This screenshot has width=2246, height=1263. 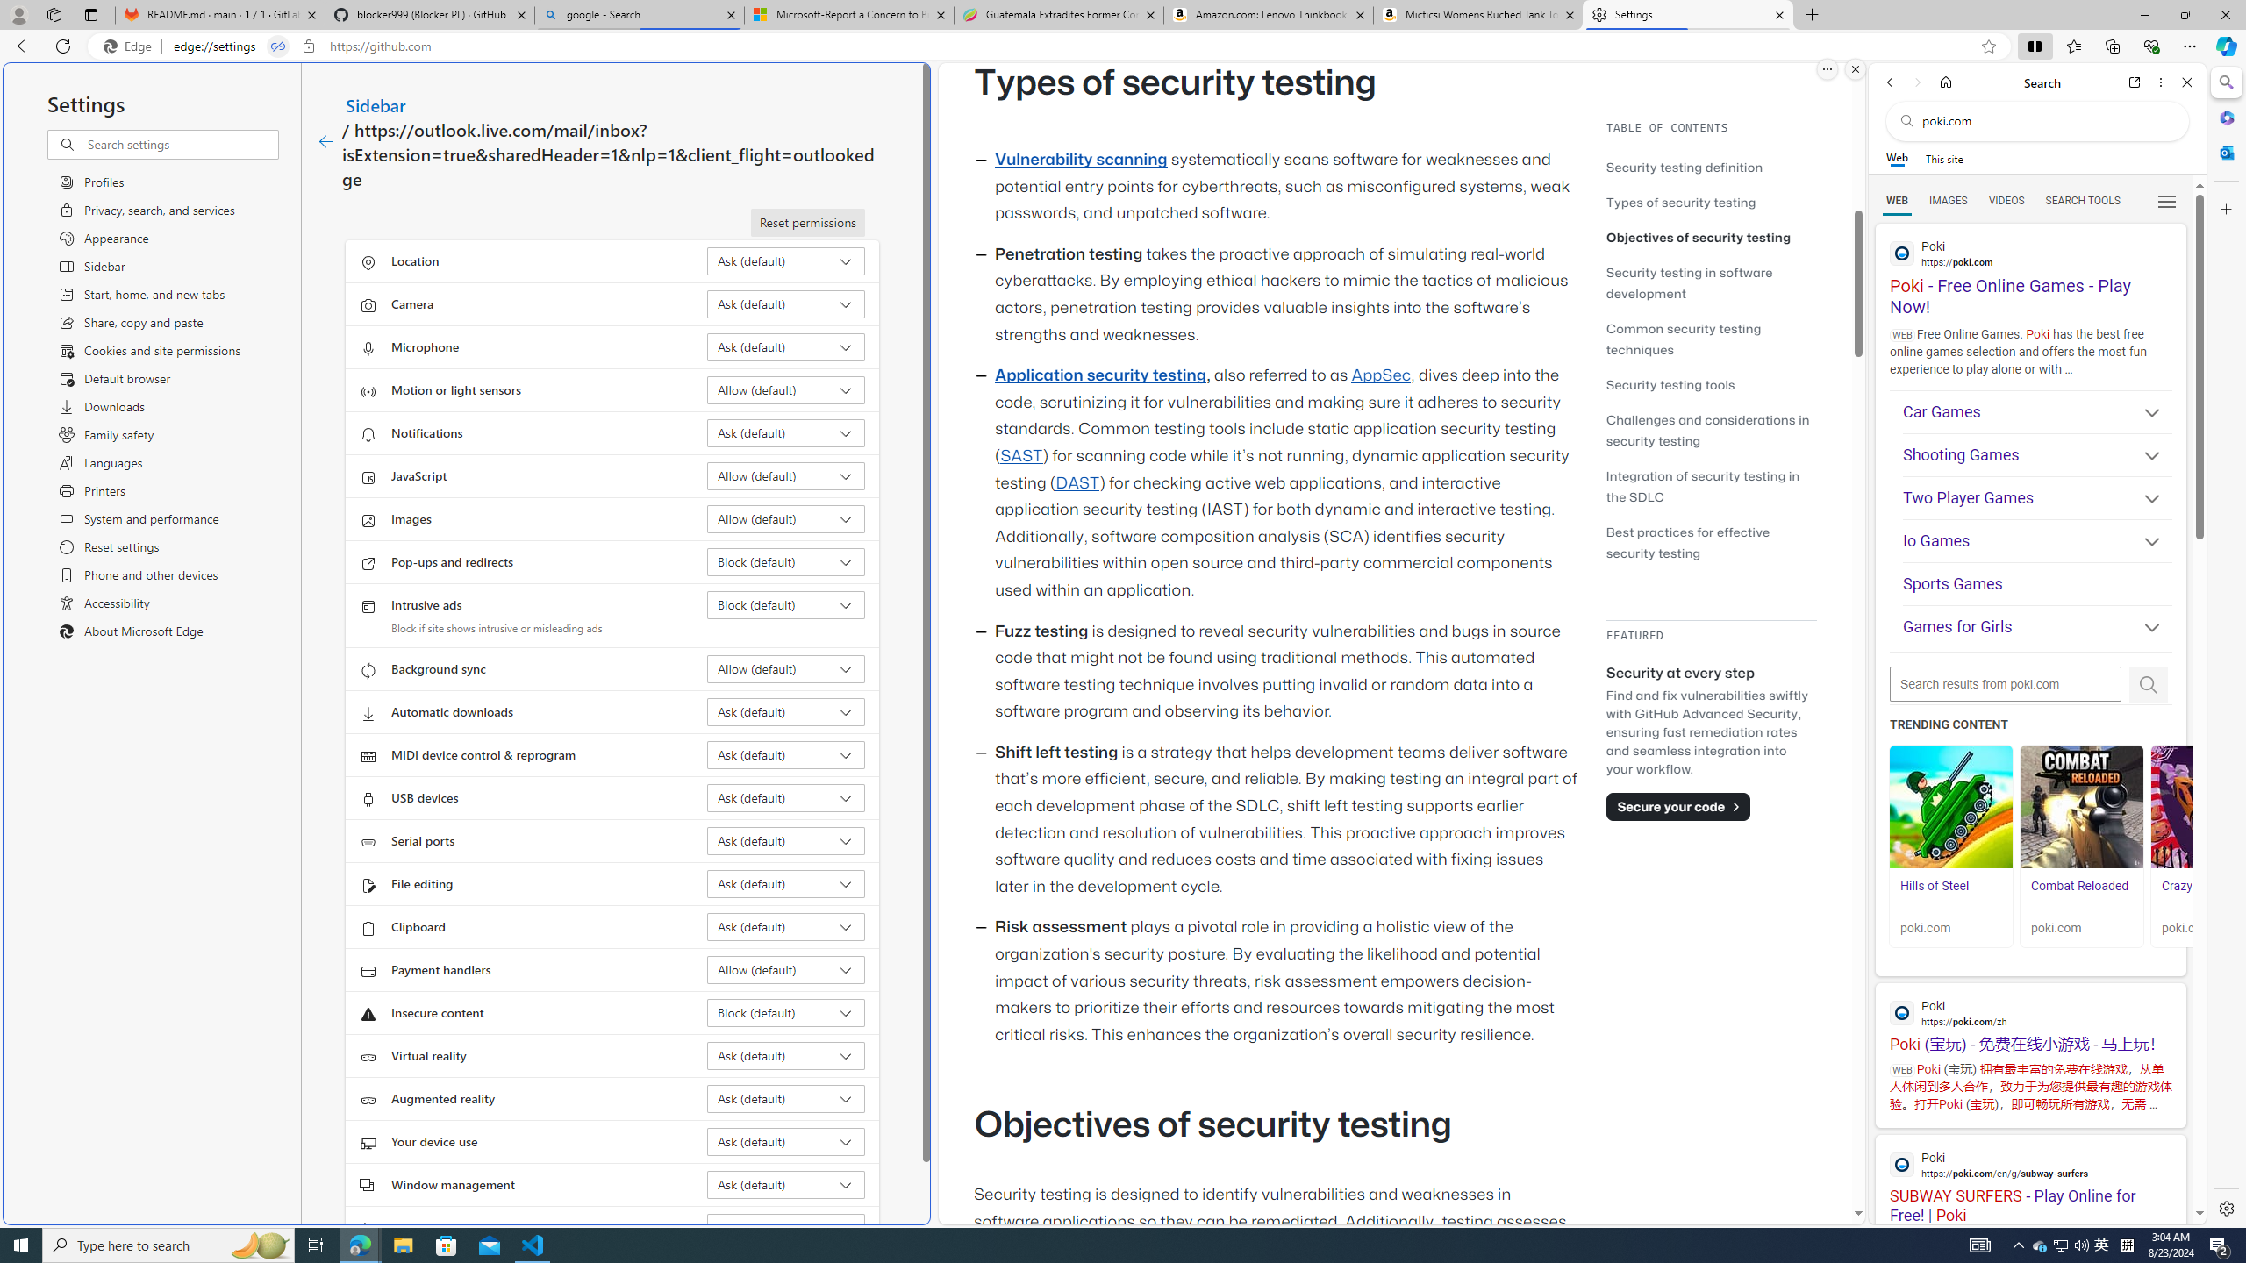 What do you see at coordinates (786, 1098) in the screenshot?
I see `'Augmented reality Ask (default)'` at bounding box center [786, 1098].